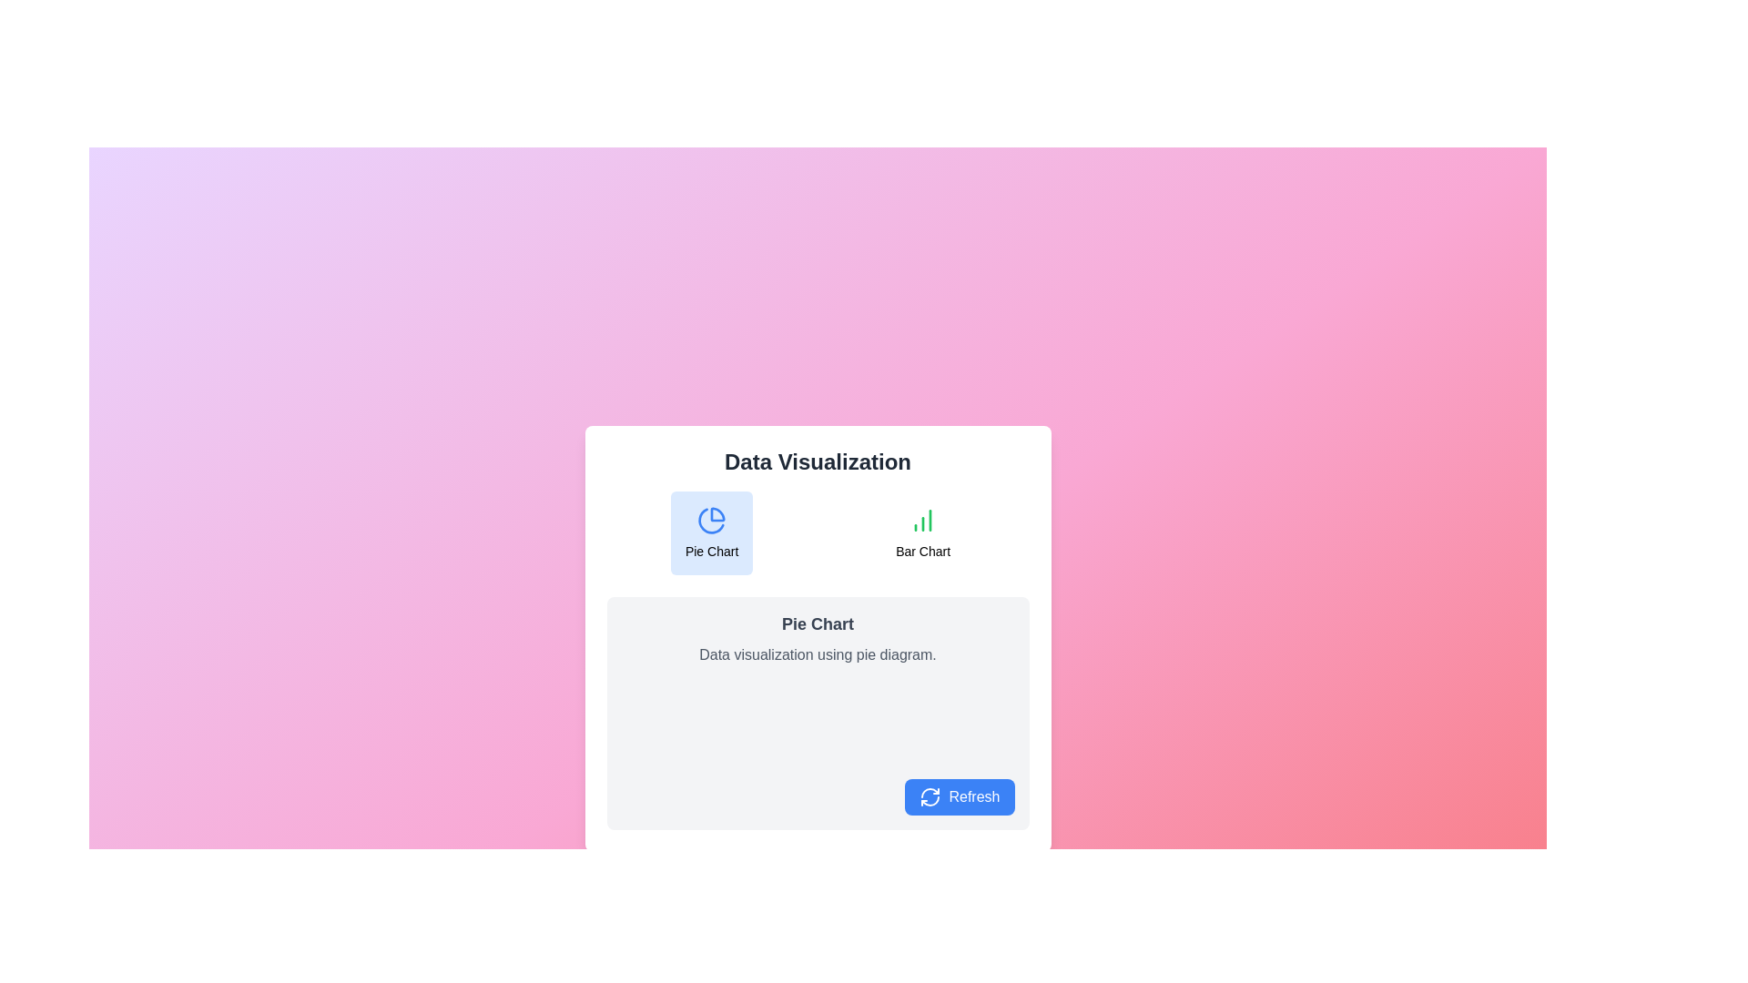 This screenshot has width=1748, height=983. Describe the element at coordinates (817, 623) in the screenshot. I see `the text label that reads 'Pie Chart' displayed in bold gray font within a light gray rectangular box` at that location.